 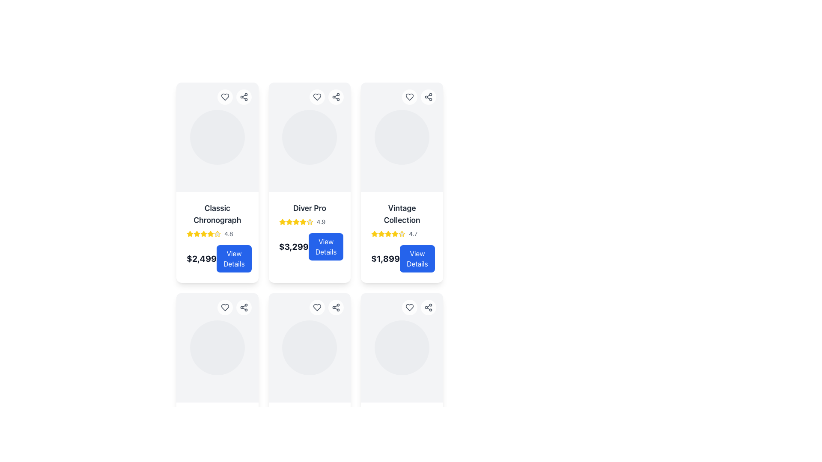 What do you see at coordinates (217, 214) in the screenshot?
I see `text from the Text label displaying the product title, which is positioned at the top-center of the product information card, above the rating stars and price` at bounding box center [217, 214].